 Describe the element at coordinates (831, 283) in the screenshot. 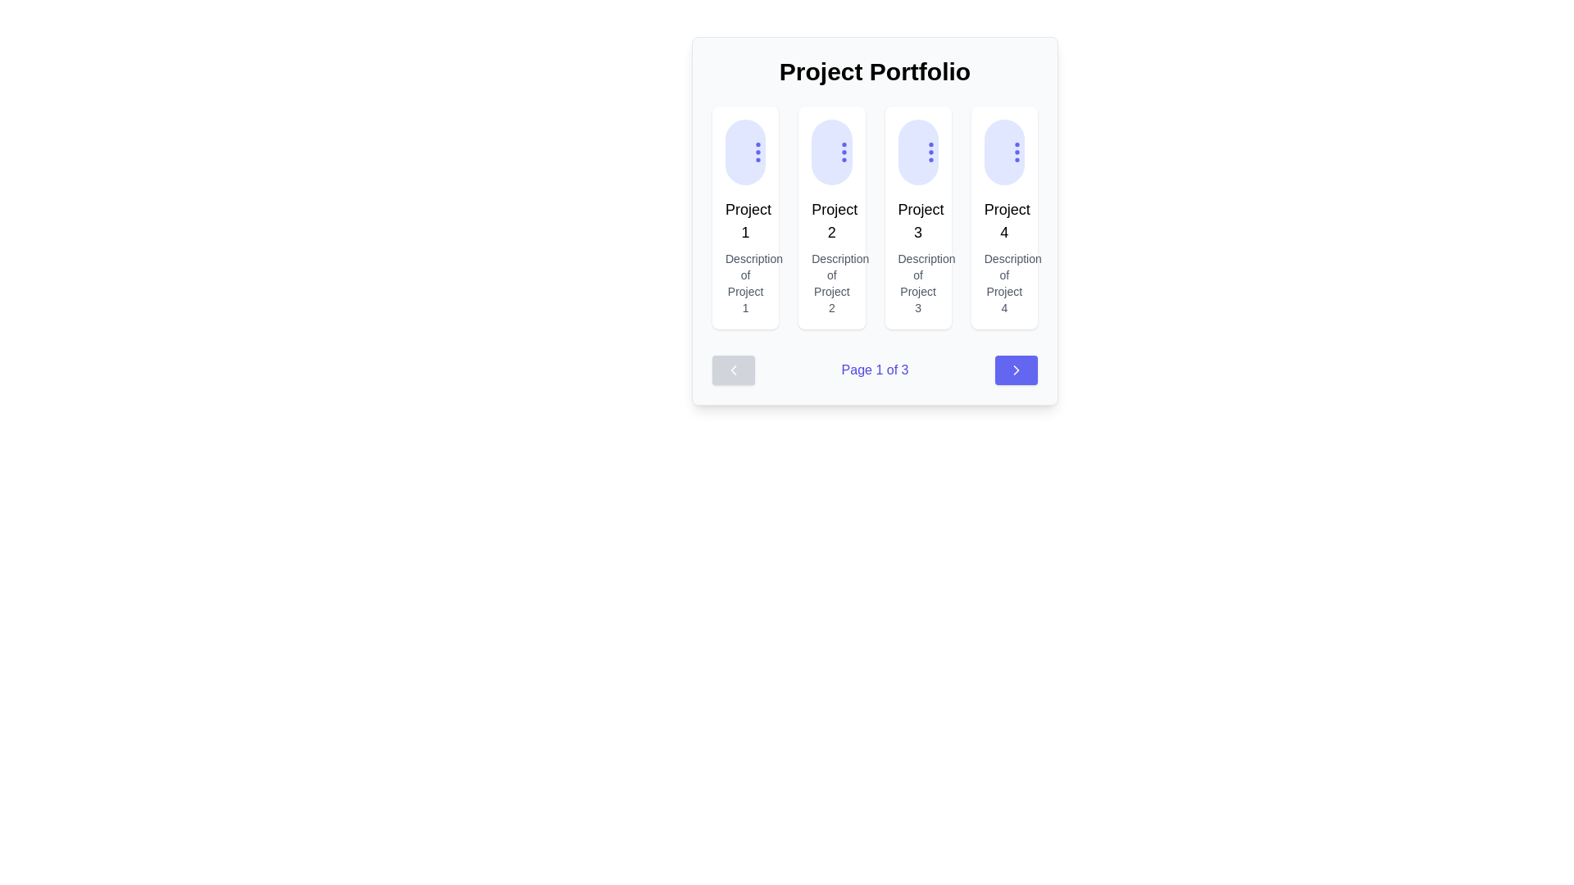

I see `information provided by the text label located below 'Project 2' in the second project card` at that location.